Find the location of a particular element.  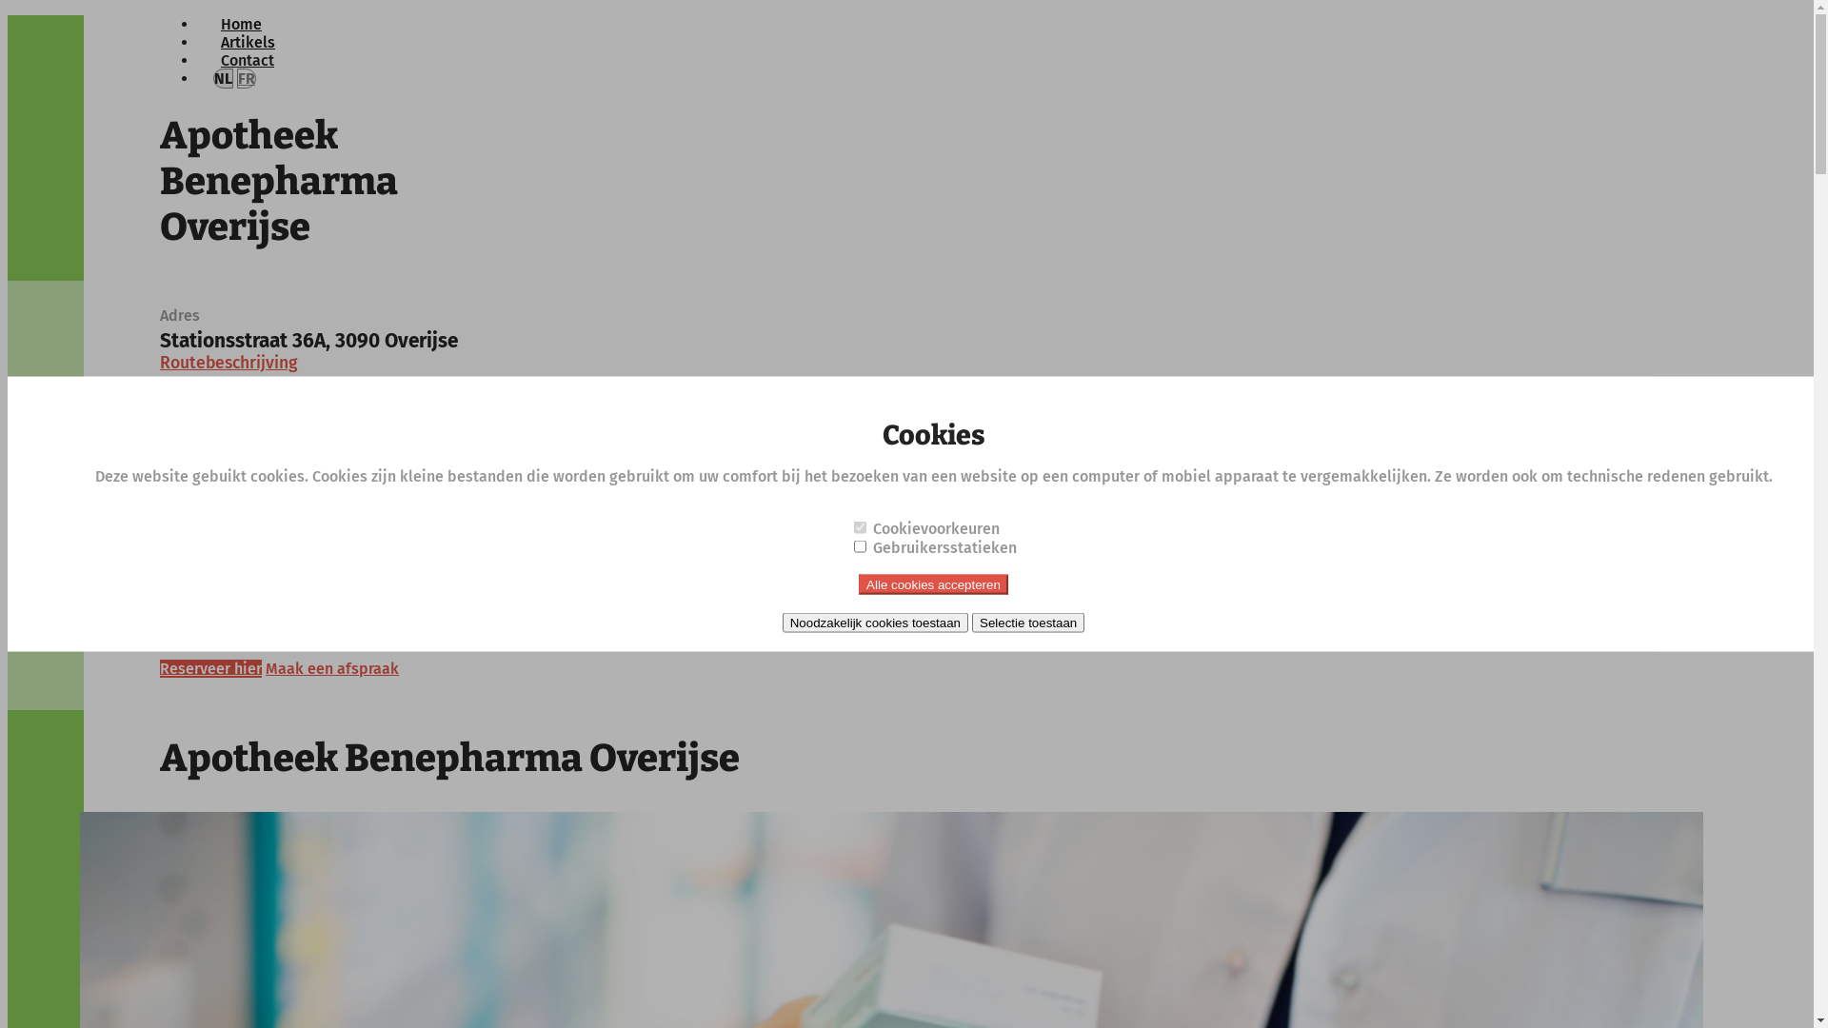

'apothekers@benepharma.be' is located at coordinates (320, 549).